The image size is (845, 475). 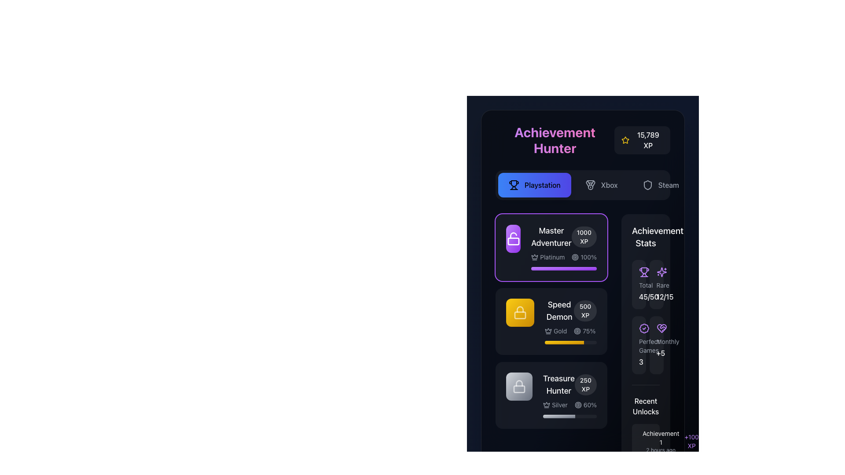 What do you see at coordinates (546, 405) in the screenshot?
I see `the crown-shaped icon located to the left of the text 'Silver', which is grouped under the 'Treasure Hunter' box` at bounding box center [546, 405].